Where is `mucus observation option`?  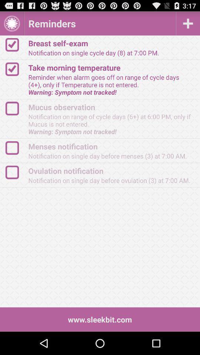
mucus observation option is located at coordinates (16, 108).